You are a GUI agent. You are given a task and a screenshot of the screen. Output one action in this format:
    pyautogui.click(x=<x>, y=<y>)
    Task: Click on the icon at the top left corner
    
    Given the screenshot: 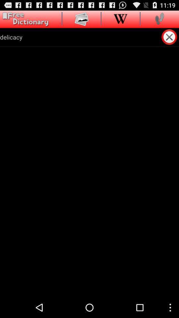 What is the action you would take?
    pyautogui.click(x=24, y=19)
    